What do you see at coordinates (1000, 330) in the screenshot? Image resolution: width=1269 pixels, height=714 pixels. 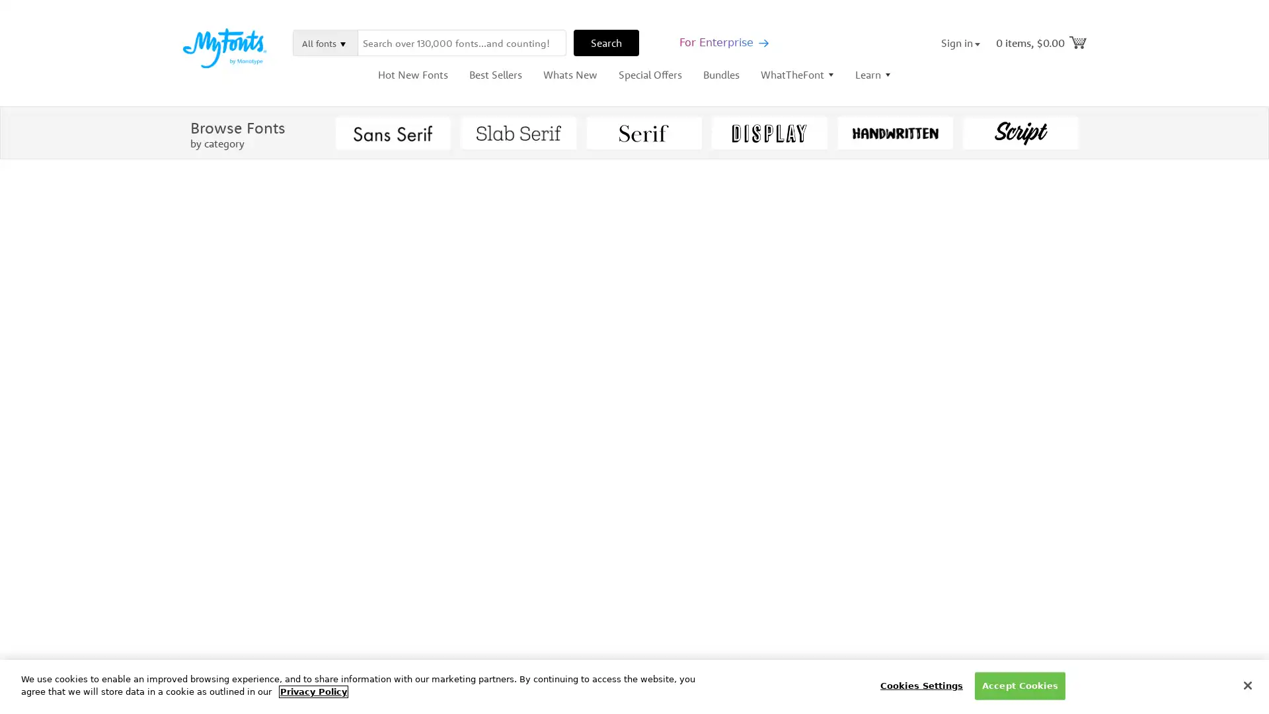 I see `Add to Album` at bounding box center [1000, 330].